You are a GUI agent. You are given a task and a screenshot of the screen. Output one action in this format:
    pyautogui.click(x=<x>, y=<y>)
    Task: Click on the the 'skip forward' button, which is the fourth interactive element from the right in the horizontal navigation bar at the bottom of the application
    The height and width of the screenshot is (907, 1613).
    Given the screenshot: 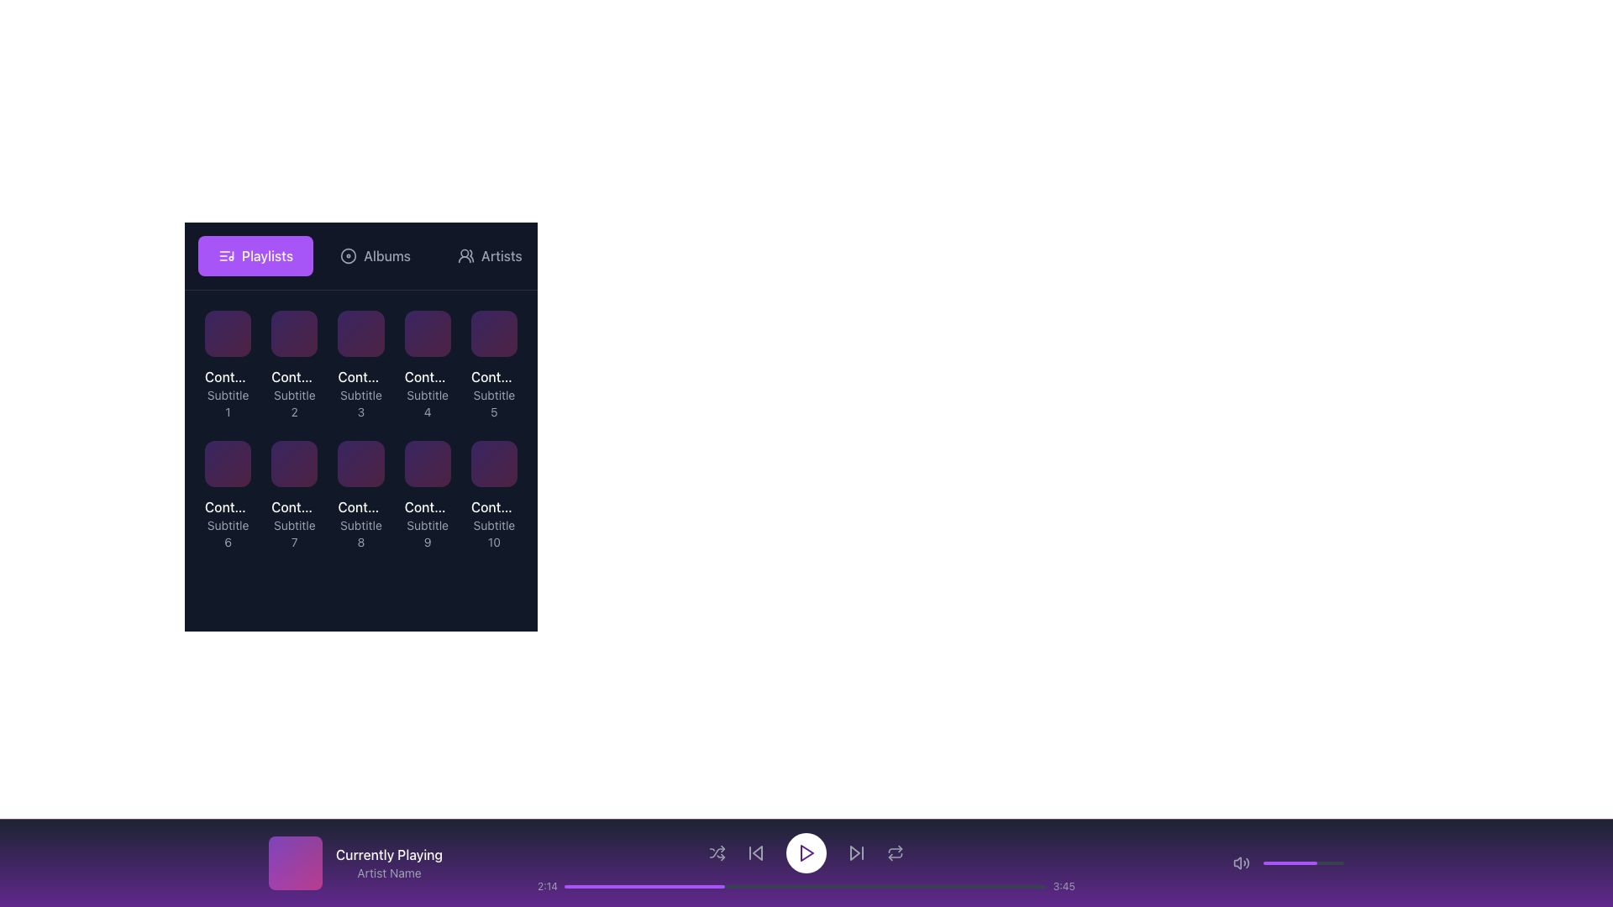 What is the action you would take?
    pyautogui.click(x=856, y=852)
    